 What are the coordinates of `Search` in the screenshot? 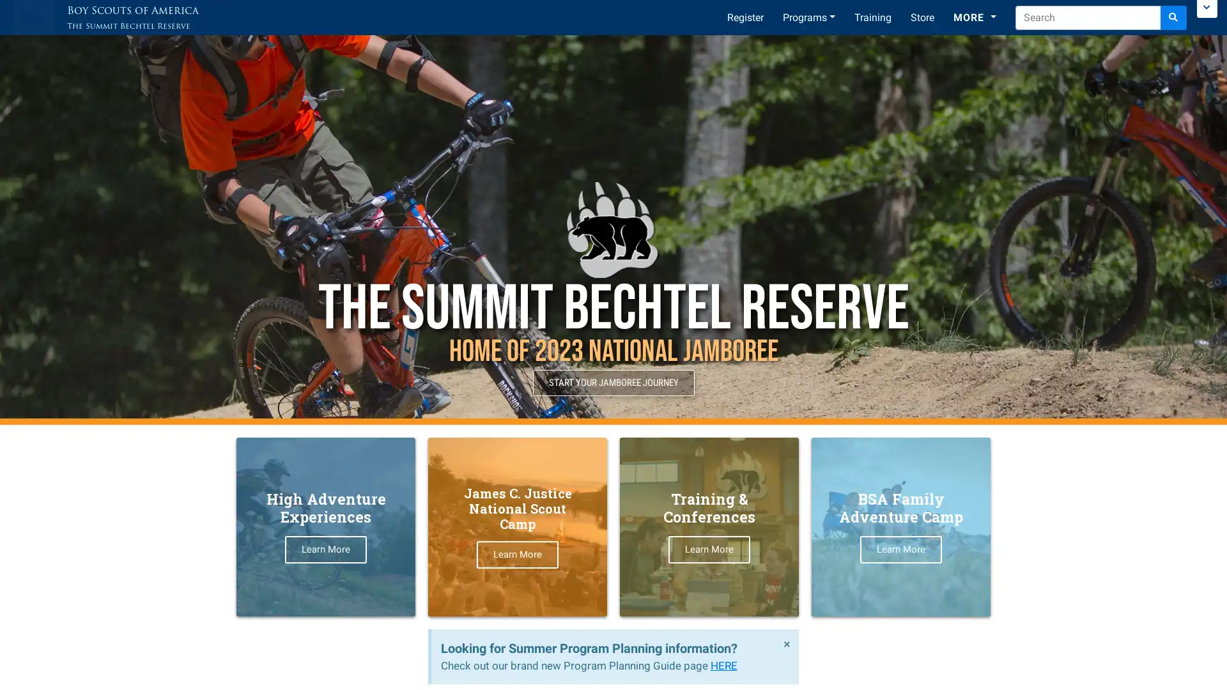 It's located at (1173, 17).